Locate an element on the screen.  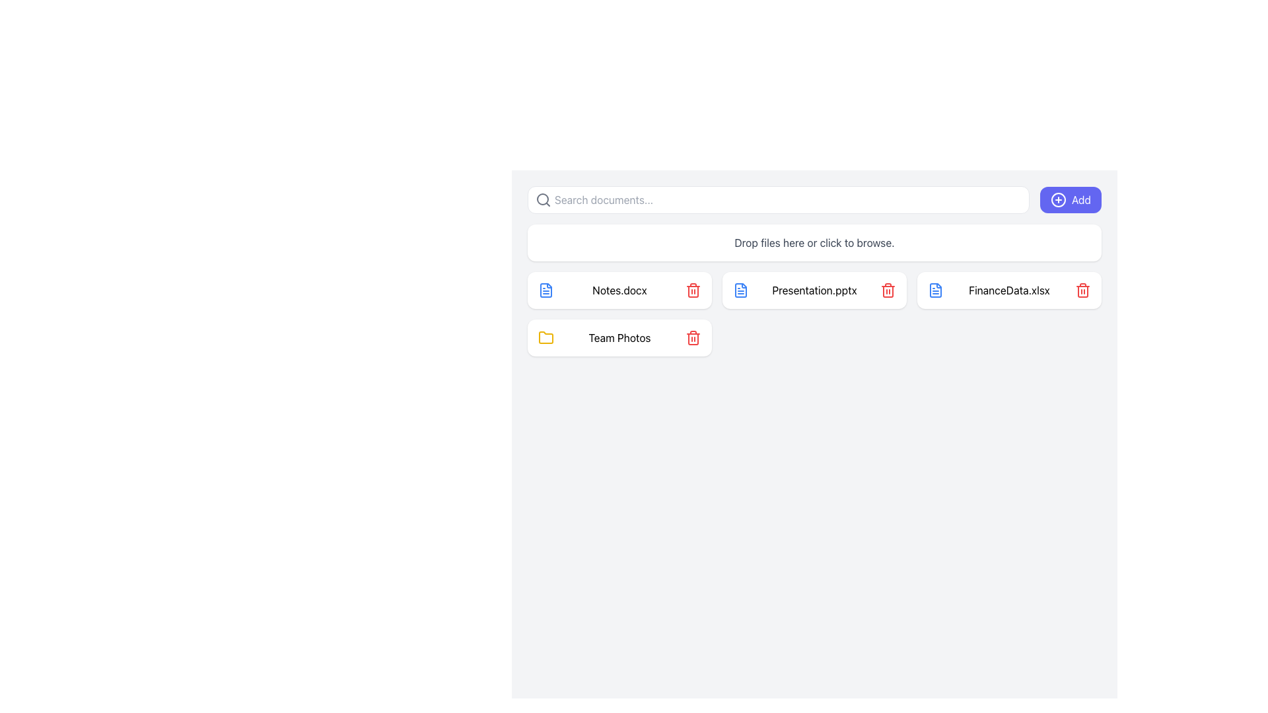
the red delete icon button, styled as a trash bin, located to the far right of the 'Notes.docx' item is located at coordinates (693, 289).